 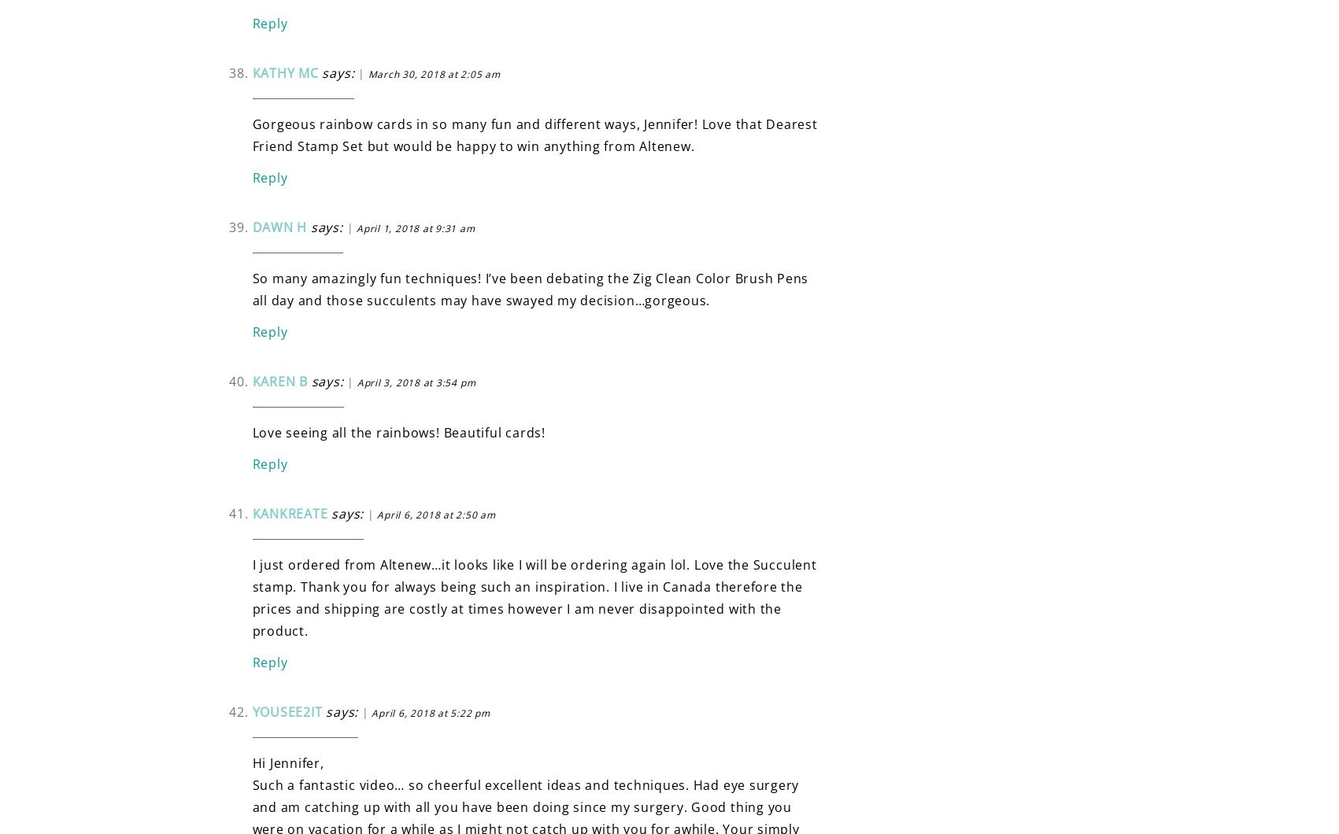 I want to click on 'Gorgeous rainbow cards in so many fun and different ways, Jennifer! Love that Dearest Friend Stamp Set but would be happy to win anything from Altenew.', so click(x=534, y=133).